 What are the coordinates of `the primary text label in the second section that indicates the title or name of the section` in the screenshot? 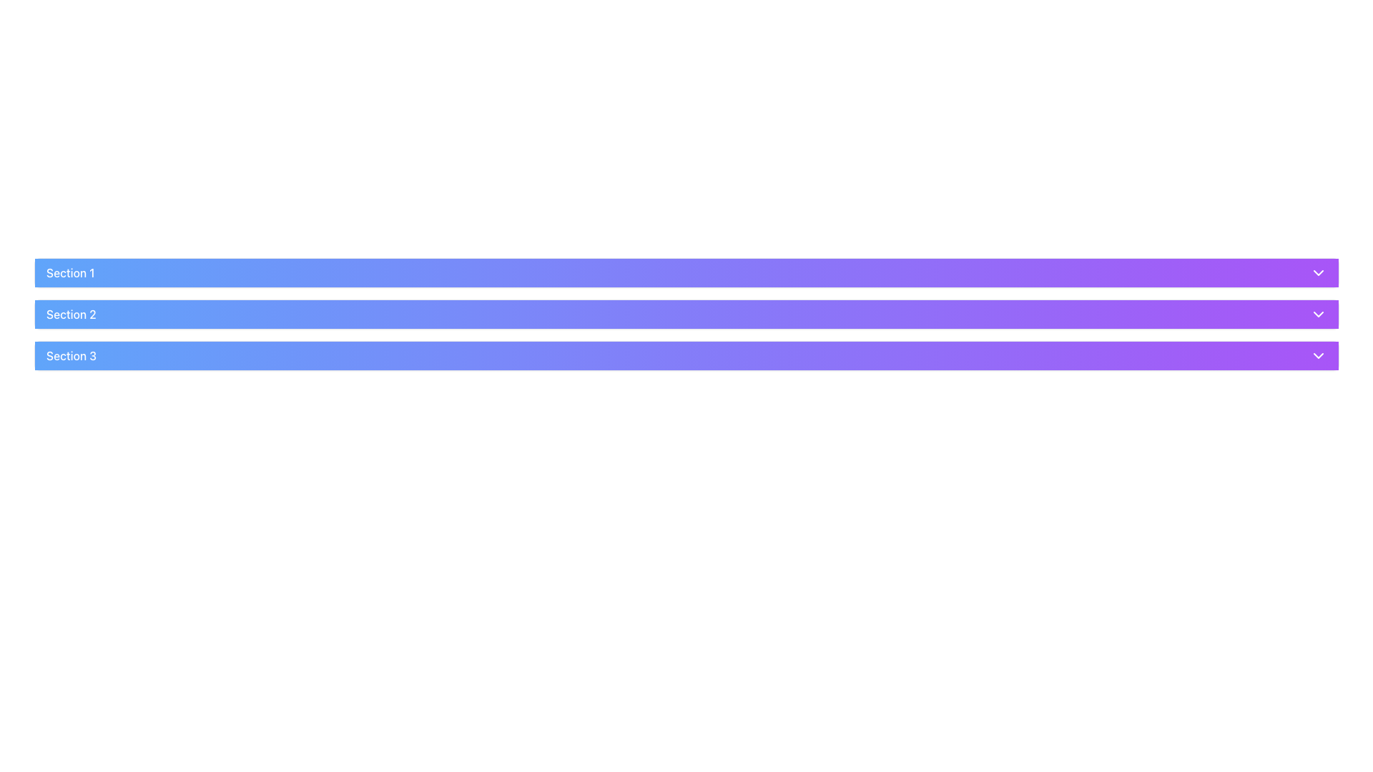 It's located at (70, 313).